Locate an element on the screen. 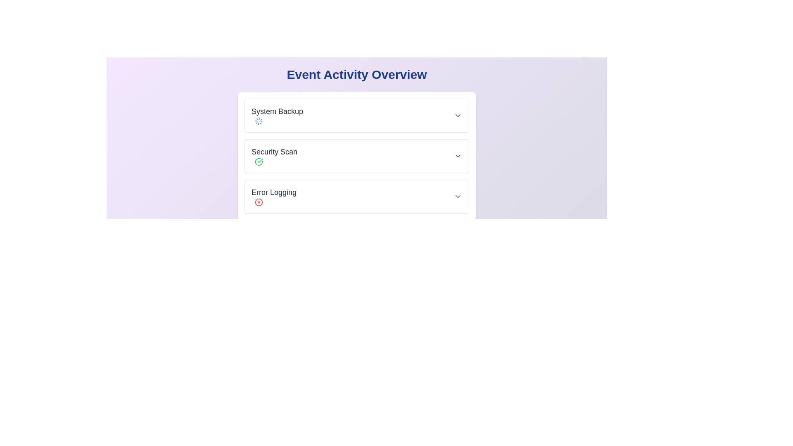 The image size is (793, 446). the small downward-facing gray arrow button located in the top-right corner of the 'System Backup' panel to change its color is located at coordinates (457, 116).